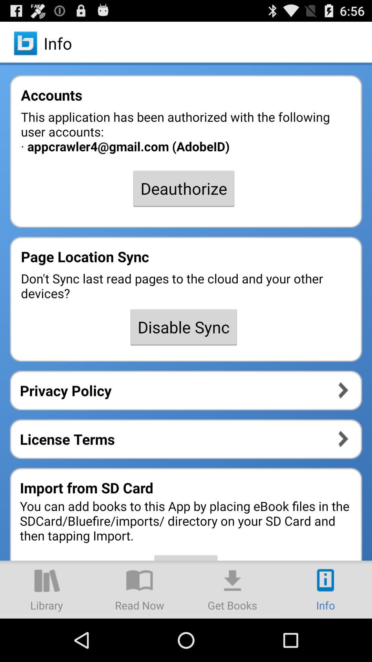 This screenshot has height=662, width=372. Describe the element at coordinates (139, 589) in the screenshot. I see `books read for reading` at that location.